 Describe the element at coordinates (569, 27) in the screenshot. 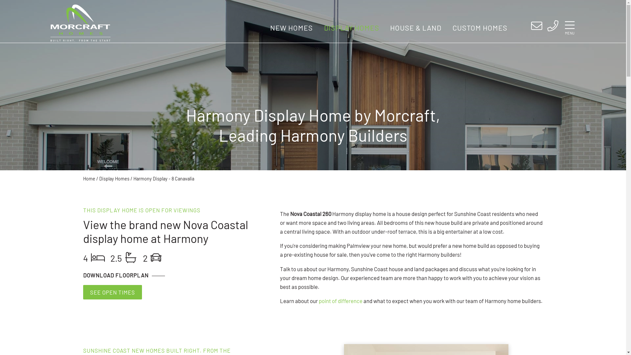

I see `'MENU'` at that location.